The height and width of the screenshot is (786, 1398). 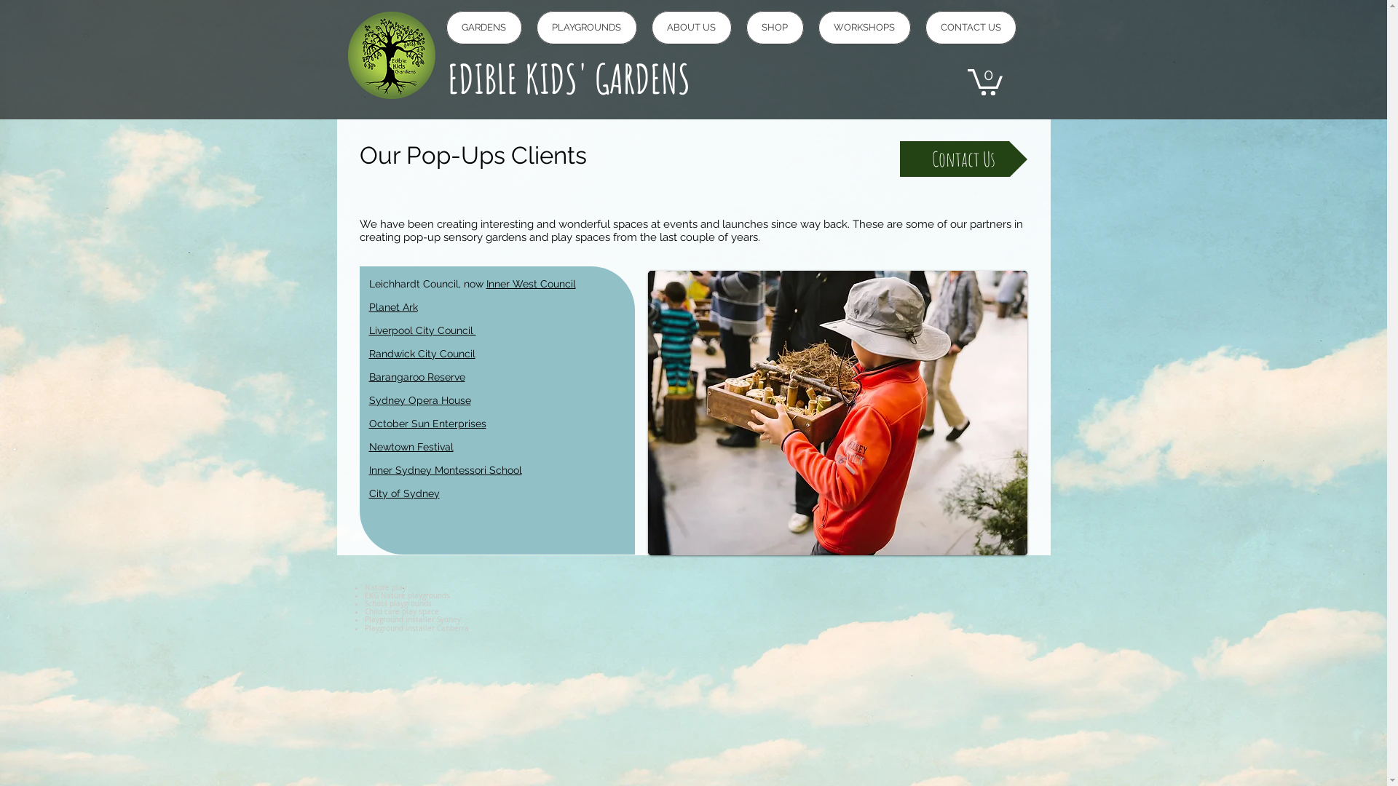 What do you see at coordinates (421, 354) in the screenshot?
I see `'Randwick City Council'` at bounding box center [421, 354].